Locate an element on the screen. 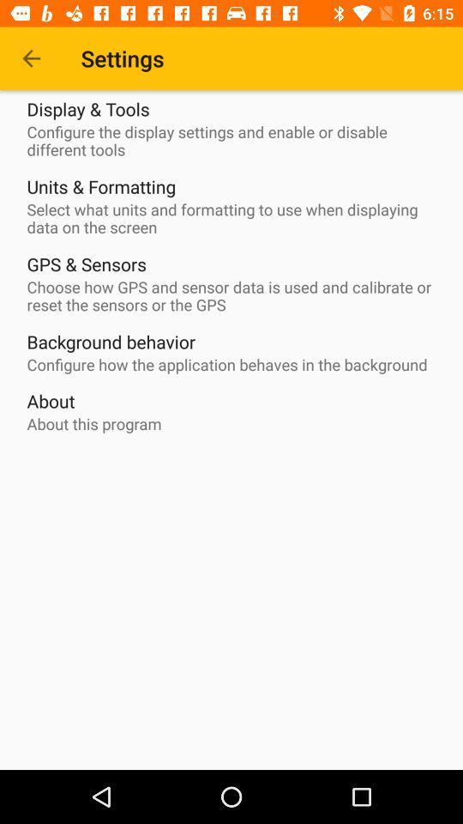 The width and height of the screenshot is (463, 824). choose how gps is located at coordinates (235, 296).